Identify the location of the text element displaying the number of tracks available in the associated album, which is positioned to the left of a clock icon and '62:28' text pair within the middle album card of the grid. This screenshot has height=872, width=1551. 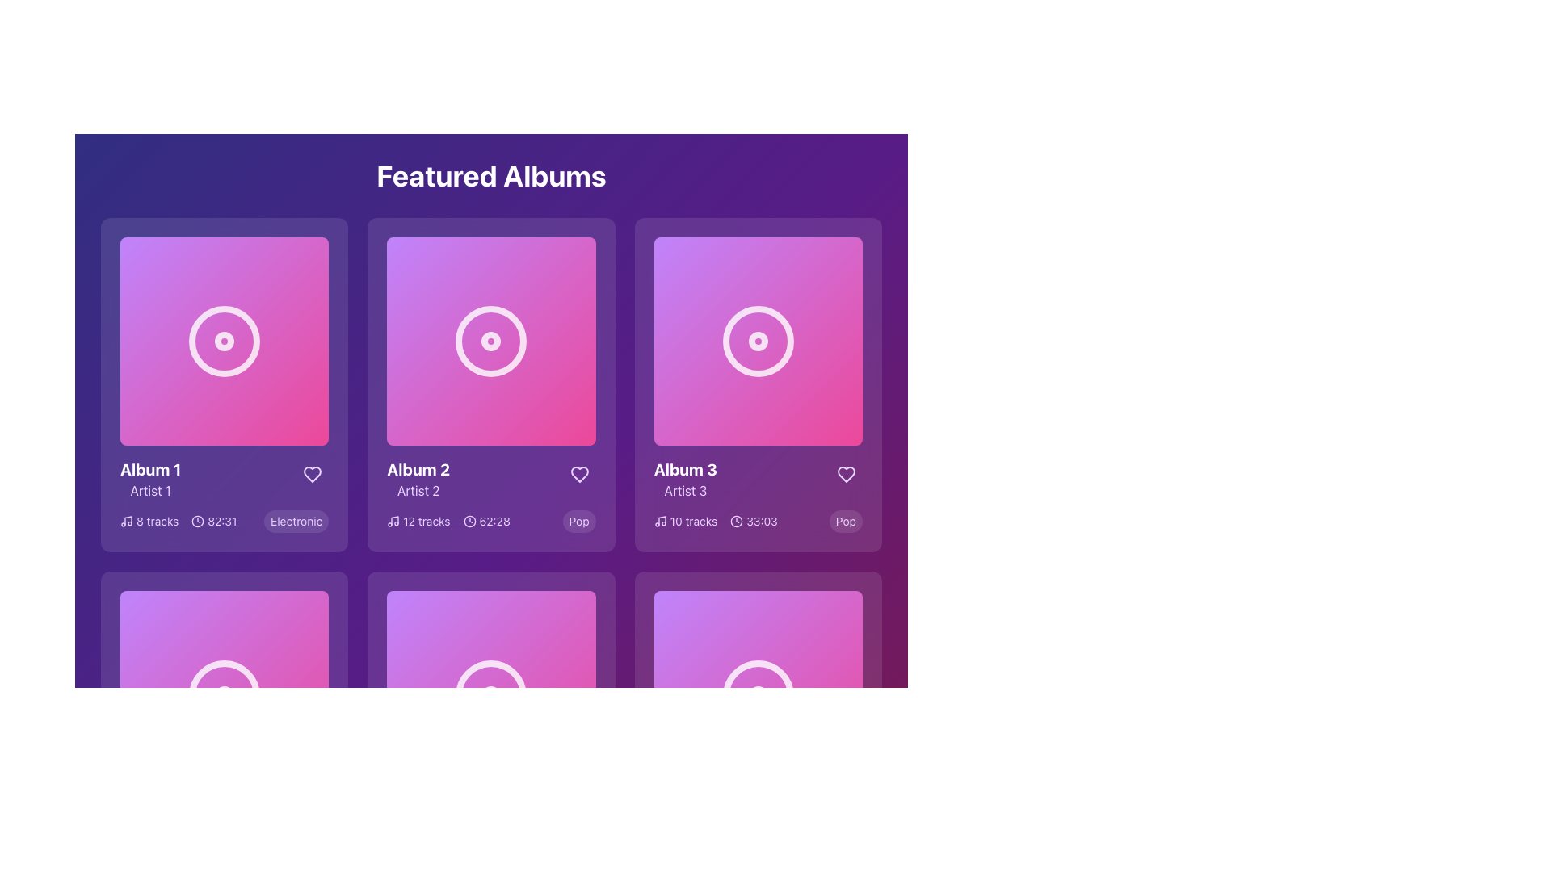
(418, 522).